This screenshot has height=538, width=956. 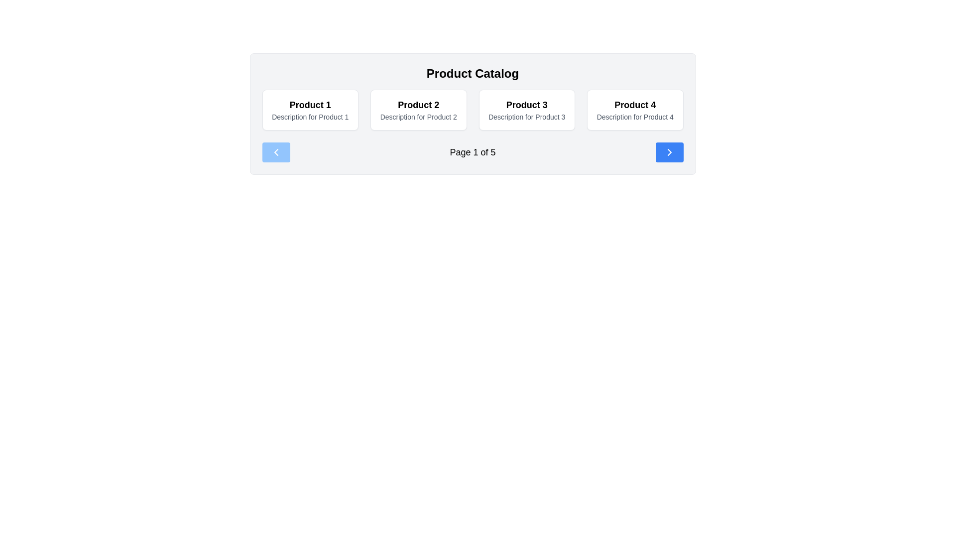 What do you see at coordinates (310, 105) in the screenshot?
I see `the bold heading labeled 'Product 1' which is positioned at the top of the card with a white background and rounded corners` at bounding box center [310, 105].